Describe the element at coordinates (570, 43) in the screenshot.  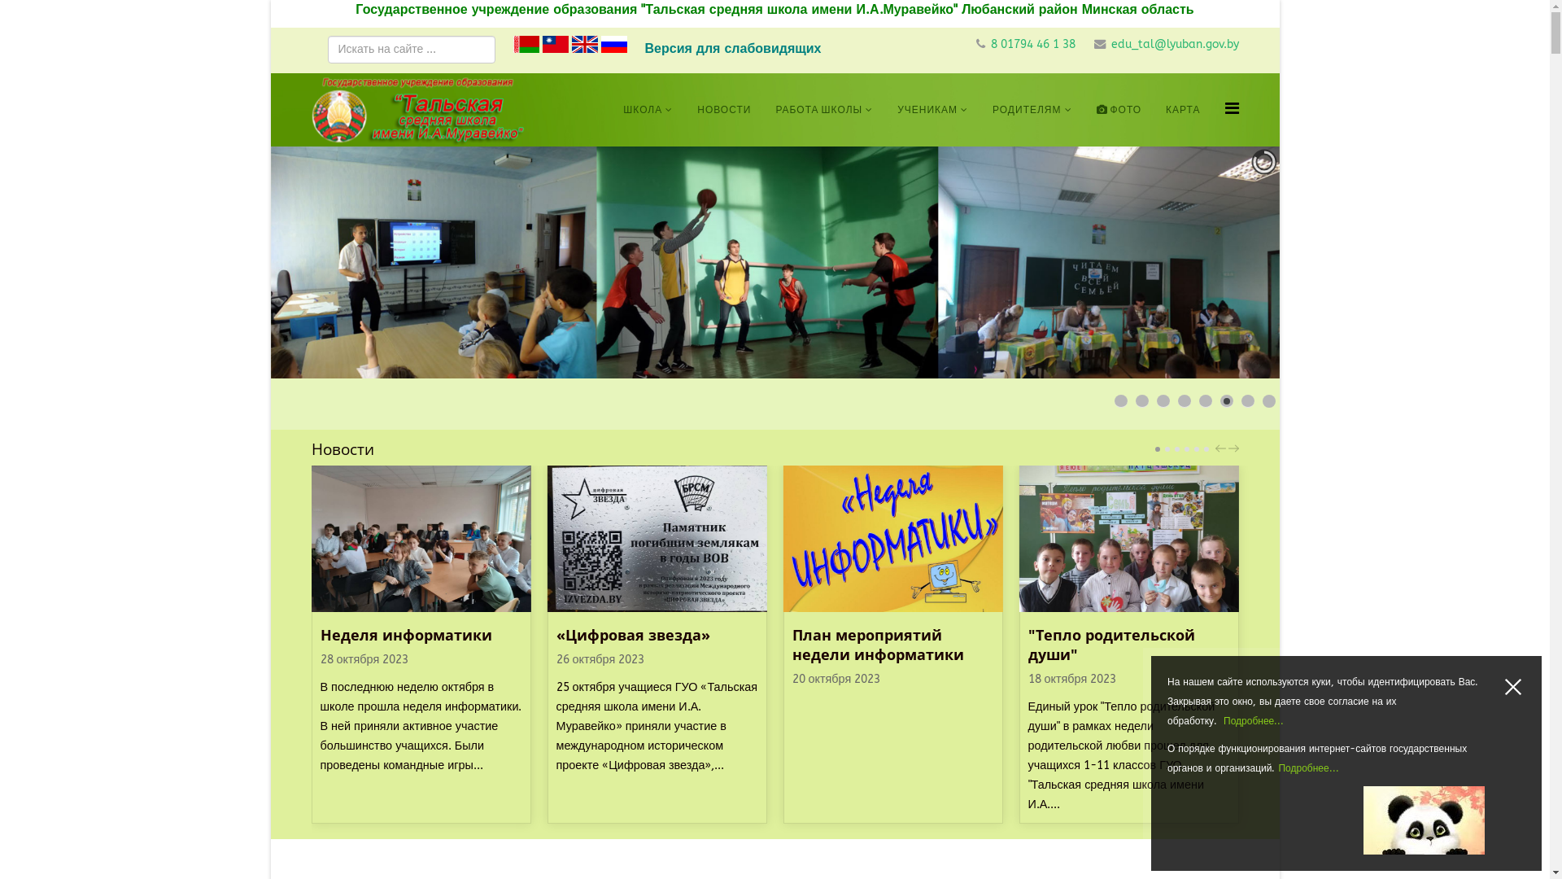
I see `'English'` at that location.